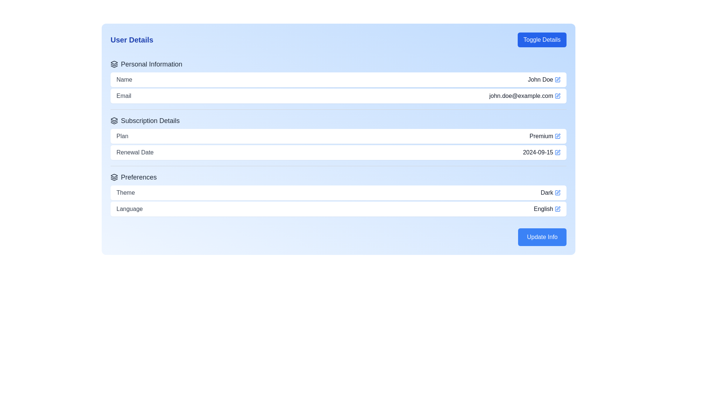 This screenshot has width=710, height=399. I want to click on the edit icon button next to the 'John Doe' name field, so click(558, 79).